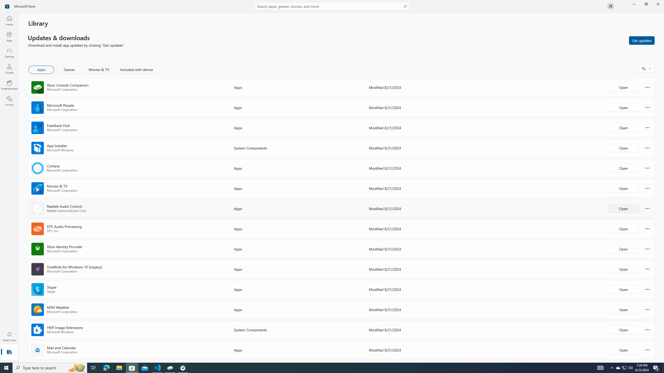 Image resolution: width=664 pixels, height=373 pixels. What do you see at coordinates (647, 349) in the screenshot?
I see `'More options'` at bounding box center [647, 349].